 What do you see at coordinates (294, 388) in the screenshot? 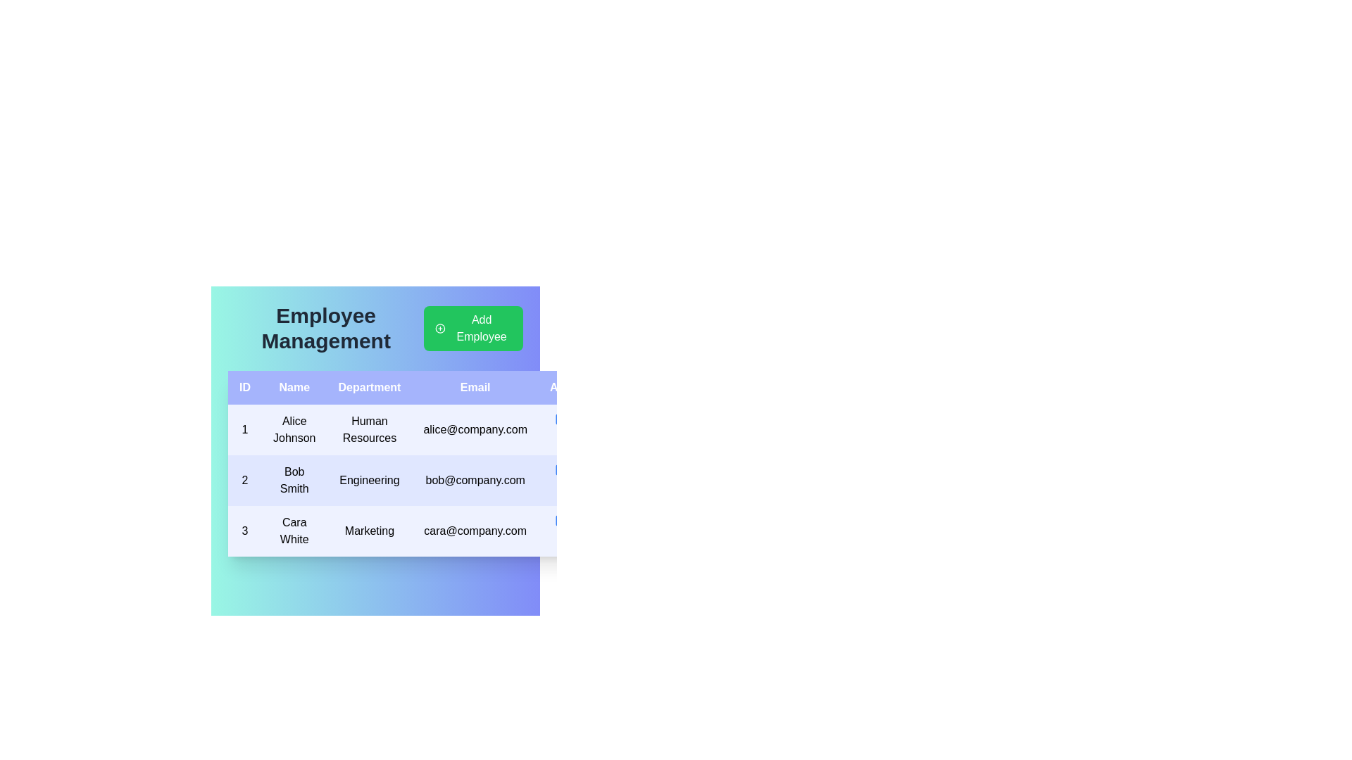
I see `the 'Name' column header cell in the table, which is the second column header located between the 'ID' and 'Department' headers` at bounding box center [294, 388].